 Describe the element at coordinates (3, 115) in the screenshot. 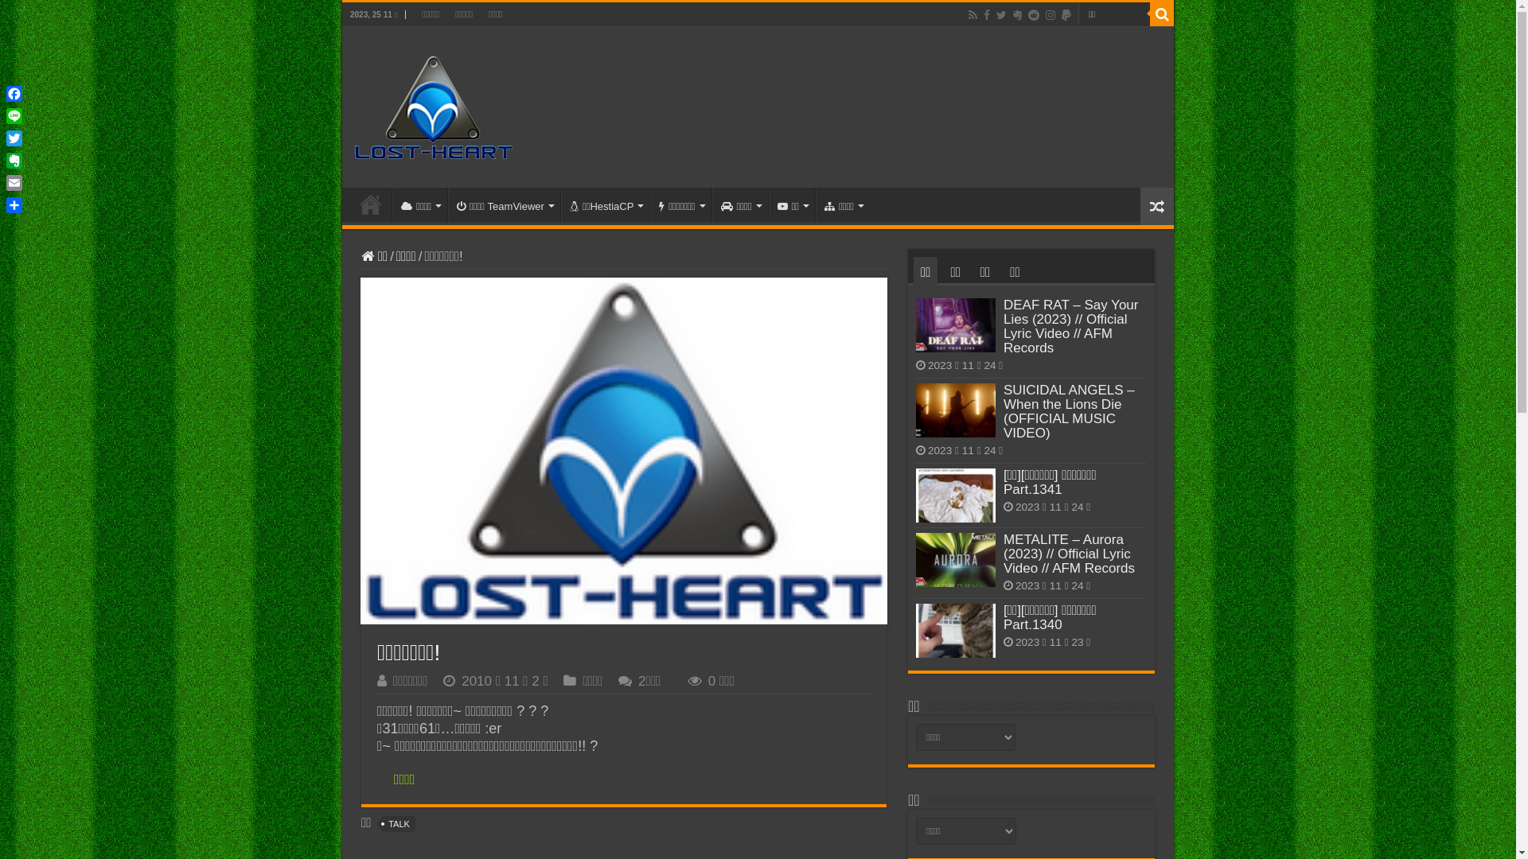

I see `'Line'` at that location.